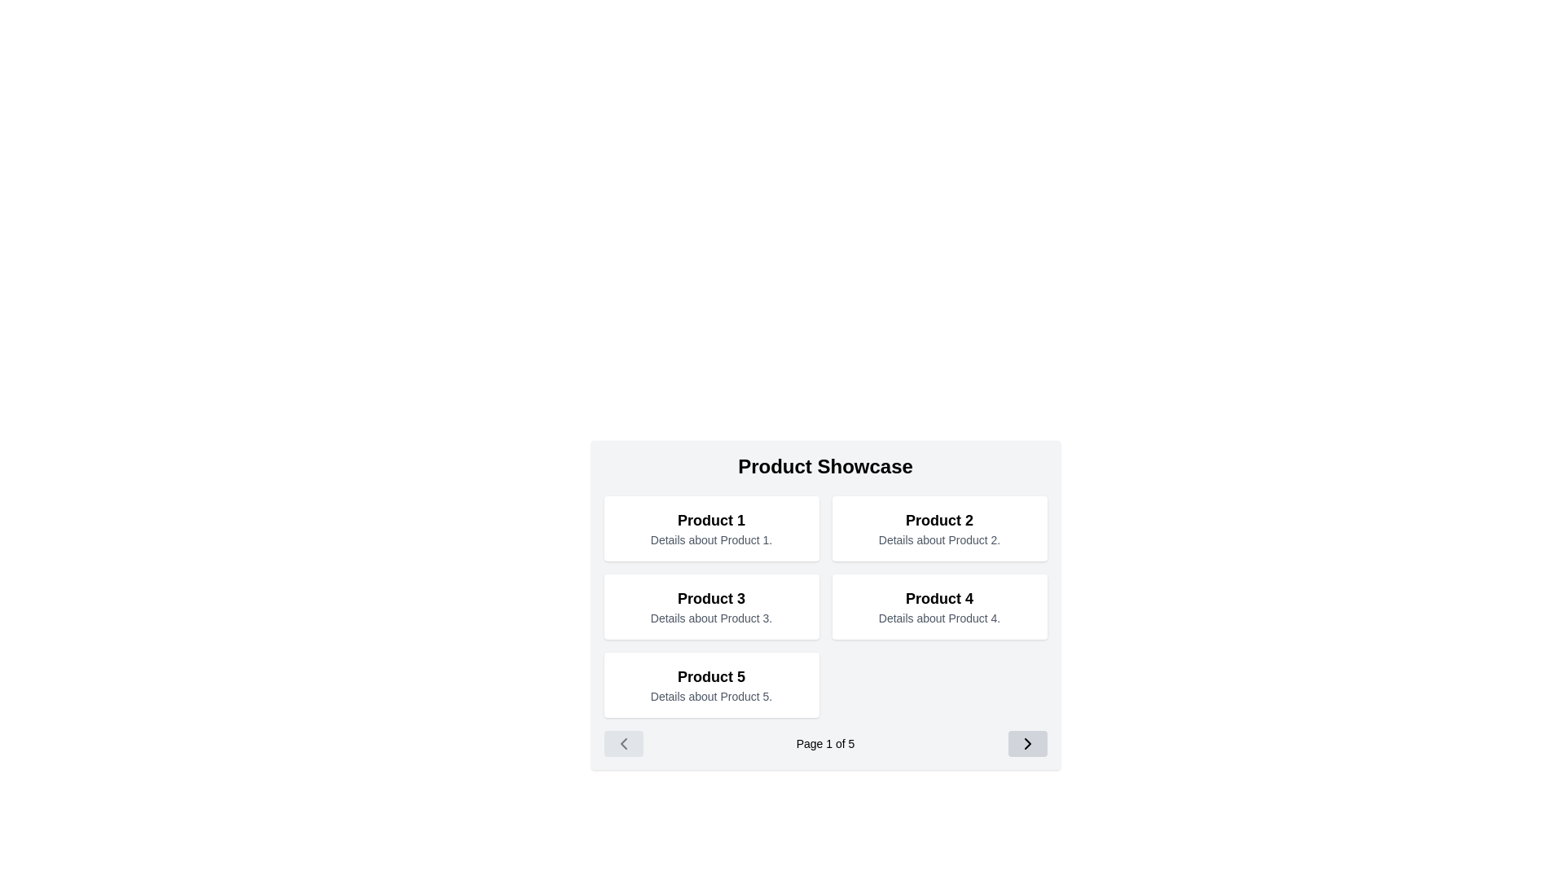 This screenshot has height=880, width=1564. I want to click on the text label displaying 'Product 4' in bold, so click(939, 599).